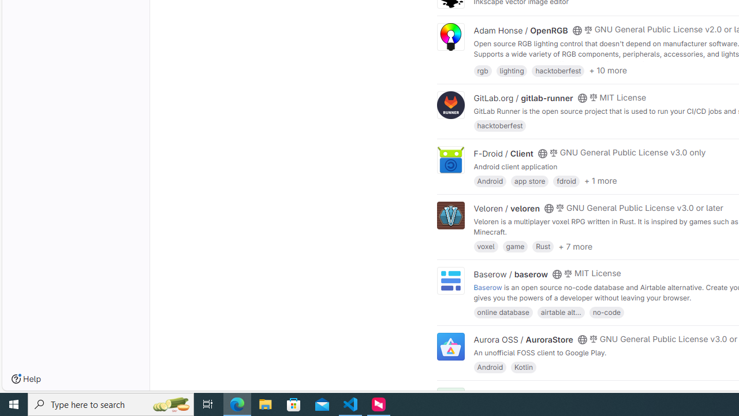  What do you see at coordinates (522, 98) in the screenshot?
I see `'GitLab.org / gitlab-runner'` at bounding box center [522, 98].